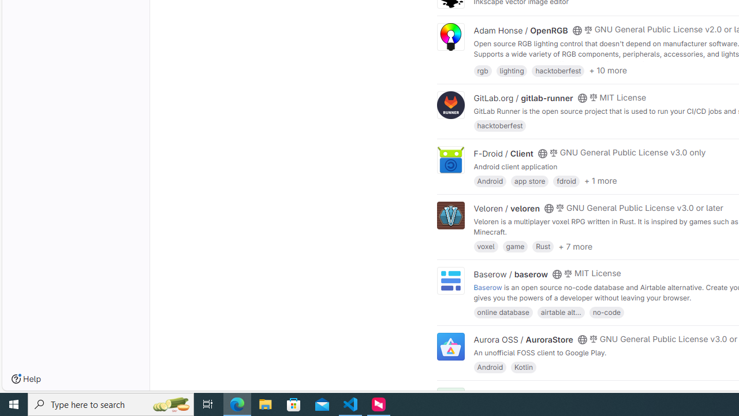  What do you see at coordinates (522, 98) in the screenshot?
I see `'GitLab.org / gitlab-runner'` at bounding box center [522, 98].